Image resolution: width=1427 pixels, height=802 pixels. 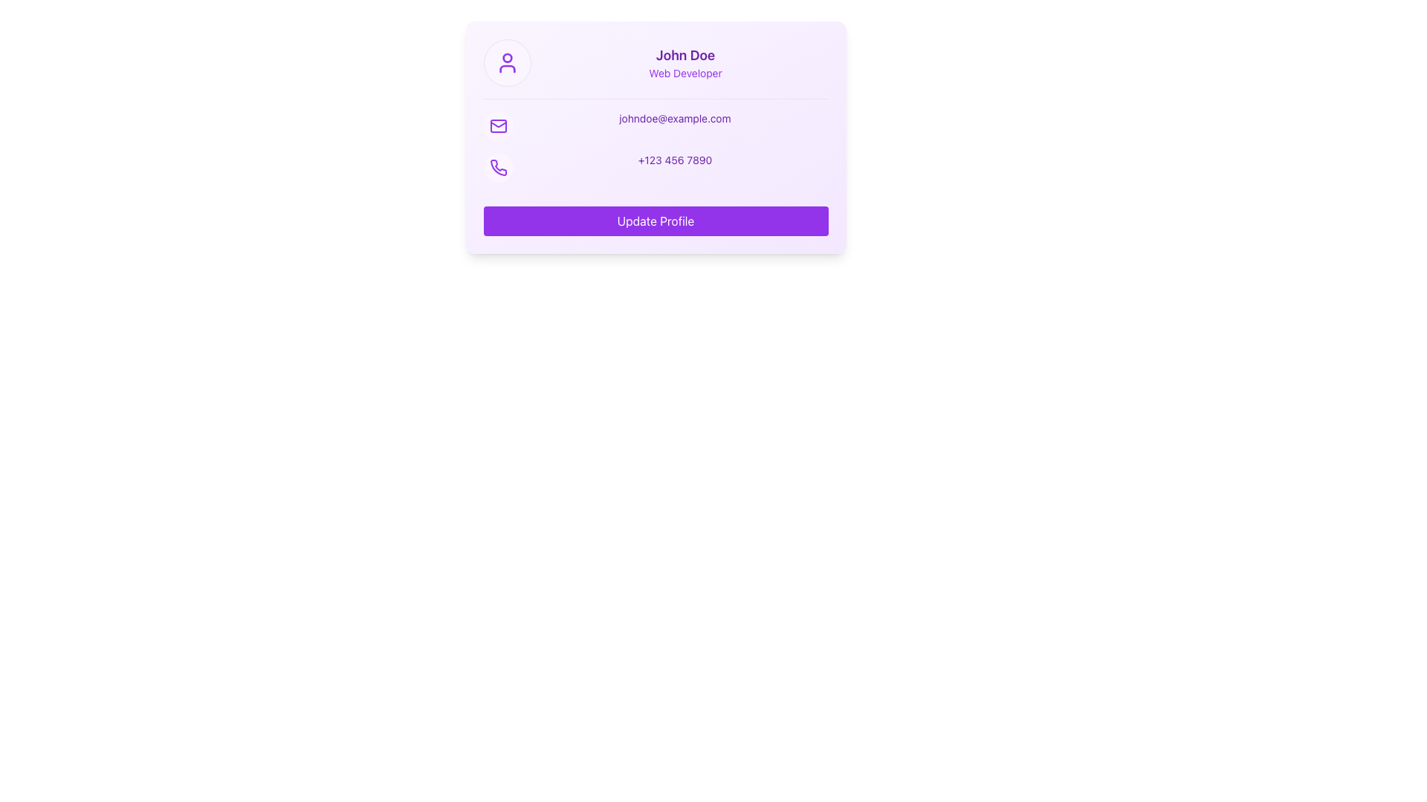 I want to click on email address displayed in the text label 'johndoe@example.com', which is located next to a purple envelope icon in the contact information section, so click(x=655, y=125).